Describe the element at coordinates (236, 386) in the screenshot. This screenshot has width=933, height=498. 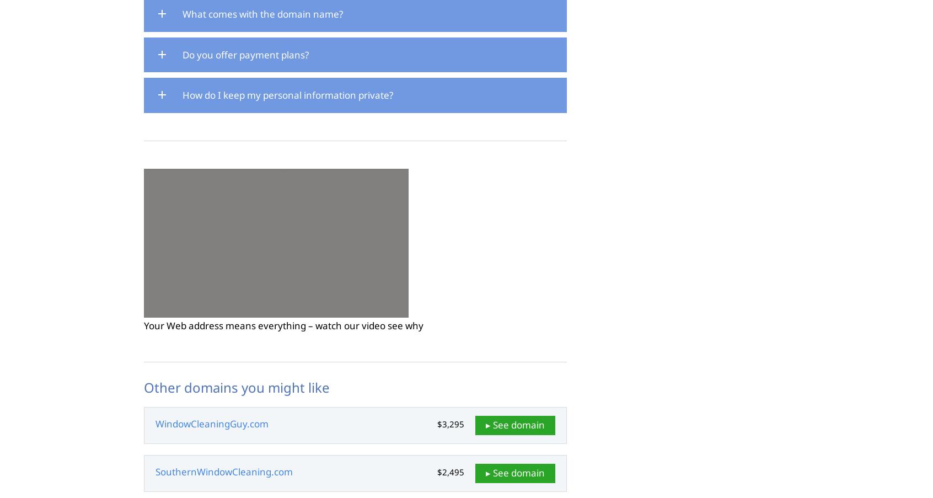
I see `'Other domains you might like'` at that location.